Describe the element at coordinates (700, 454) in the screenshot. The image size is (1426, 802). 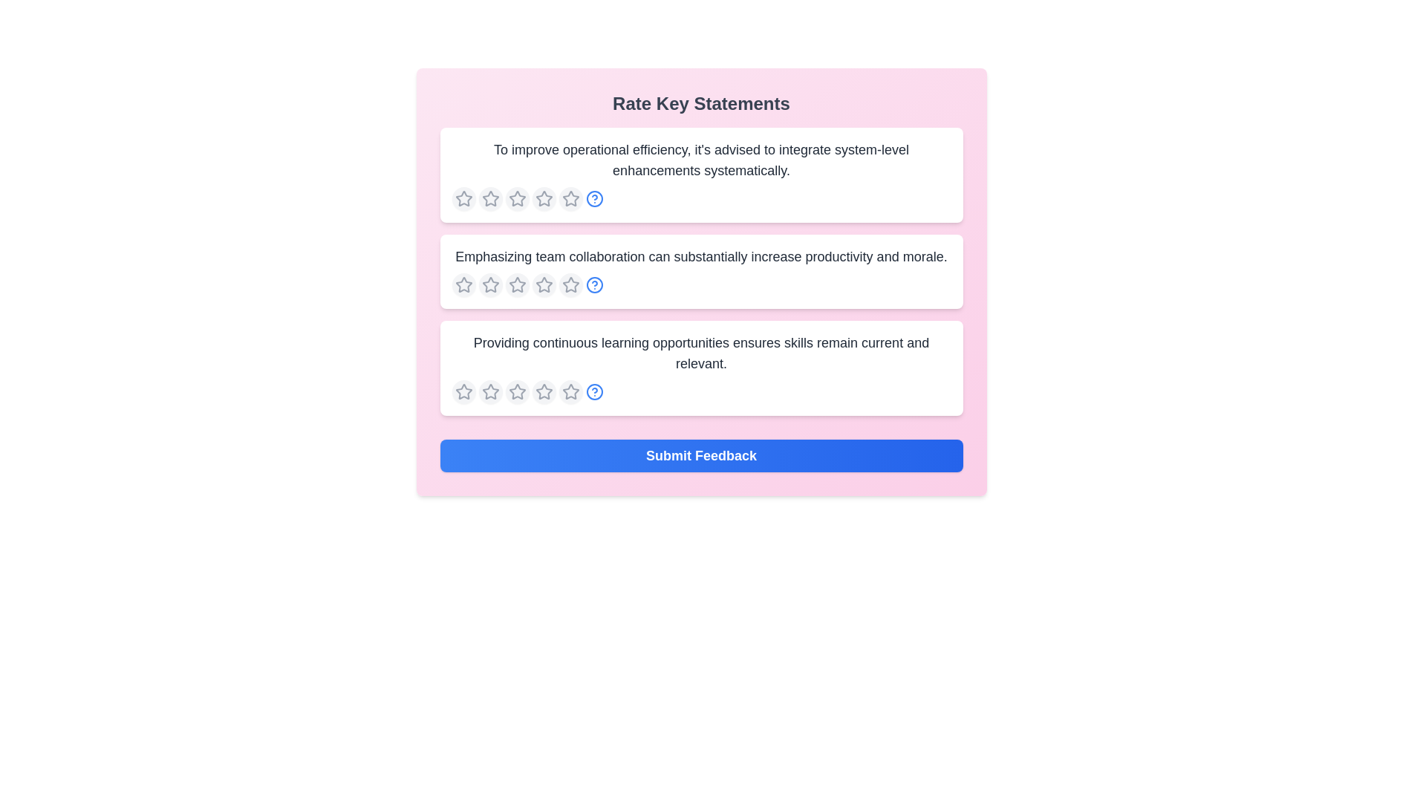
I see `the 'Submit Feedback' button` at that location.